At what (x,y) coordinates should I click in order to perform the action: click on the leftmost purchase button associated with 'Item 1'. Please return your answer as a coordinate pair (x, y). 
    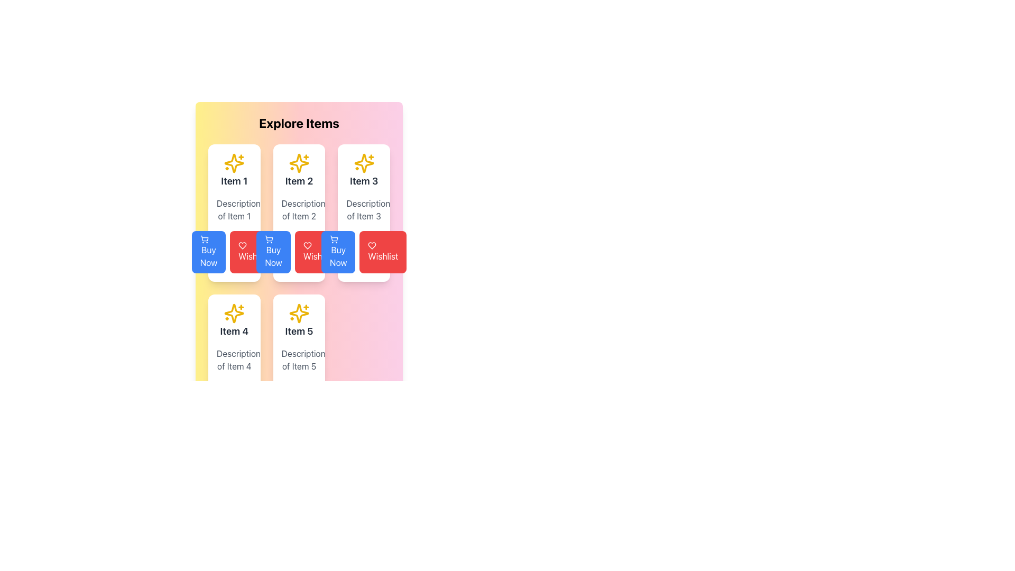
    Looking at the image, I should click on (208, 252).